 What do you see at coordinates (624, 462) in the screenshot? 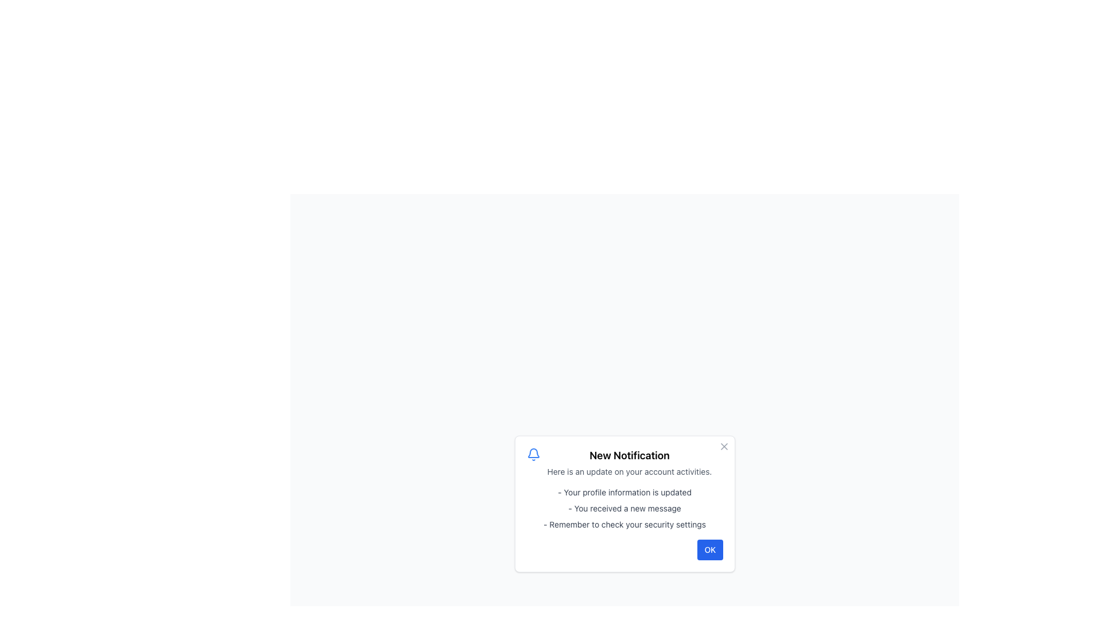
I see `the Notification Header which contains a blue bell icon and the text 'New Notification' with a smaller message below it, located near the top of the notification modal dialog` at bounding box center [624, 462].